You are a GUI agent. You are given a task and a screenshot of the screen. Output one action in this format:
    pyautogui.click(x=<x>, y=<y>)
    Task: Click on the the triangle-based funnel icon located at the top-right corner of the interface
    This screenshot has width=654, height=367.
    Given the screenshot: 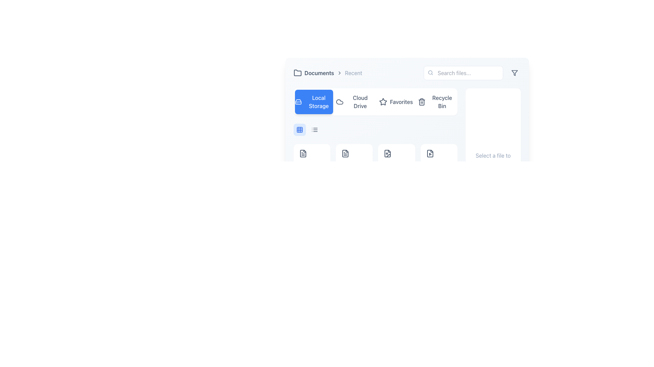 What is the action you would take?
    pyautogui.click(x=515, y=73)
    